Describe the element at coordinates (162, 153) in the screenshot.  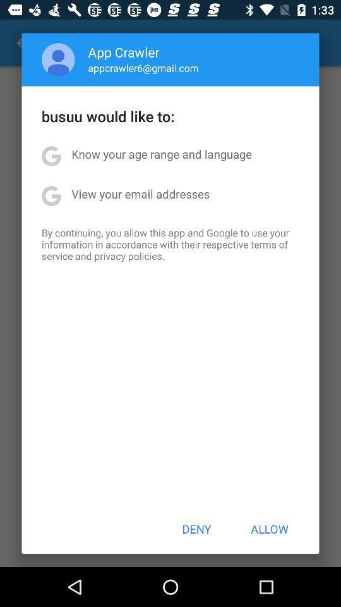
I see `the know your age icon` at that location.